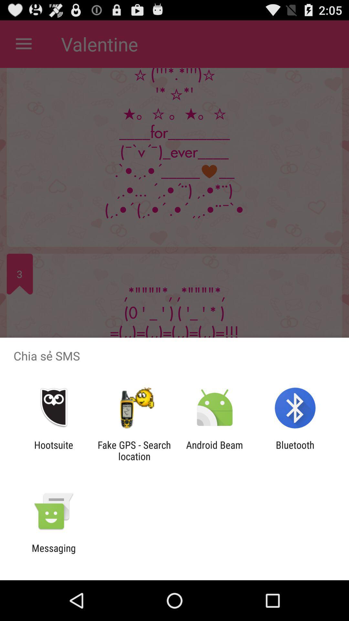  What do you see at coordinates (53, 450) in the screenshot?
I see `app to the left of fake gps search app` at bounding box center [53, 450].